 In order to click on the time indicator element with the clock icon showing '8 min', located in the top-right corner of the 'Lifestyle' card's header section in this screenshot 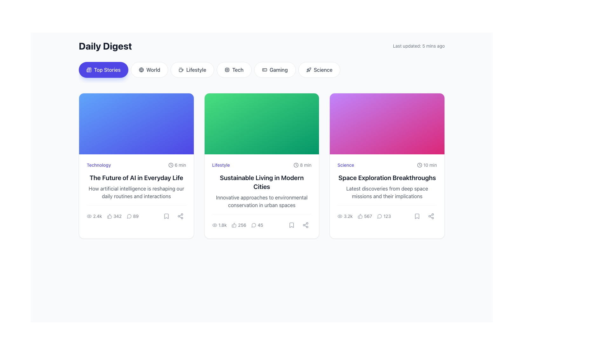, I will do `click(302, 165)`.